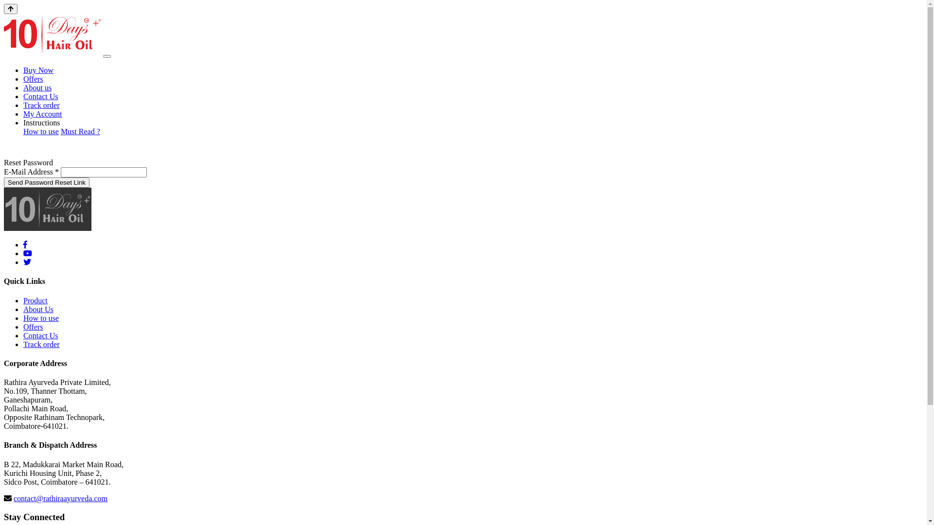  I want to click on 'Go to top', so click(11, 9).